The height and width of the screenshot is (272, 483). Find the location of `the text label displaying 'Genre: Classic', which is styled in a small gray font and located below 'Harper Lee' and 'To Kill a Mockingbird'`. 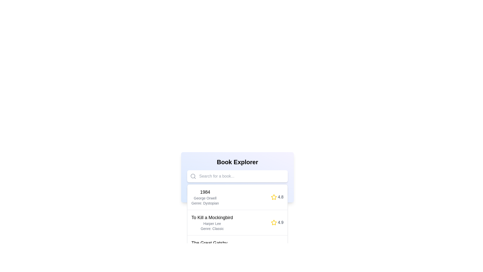

the text label displaying 'Genre: Classic', which is styled in a small gray font and located below 'Harper Lee' and 'To Kill a Mockingbird' is located at coordinates (212, 228).